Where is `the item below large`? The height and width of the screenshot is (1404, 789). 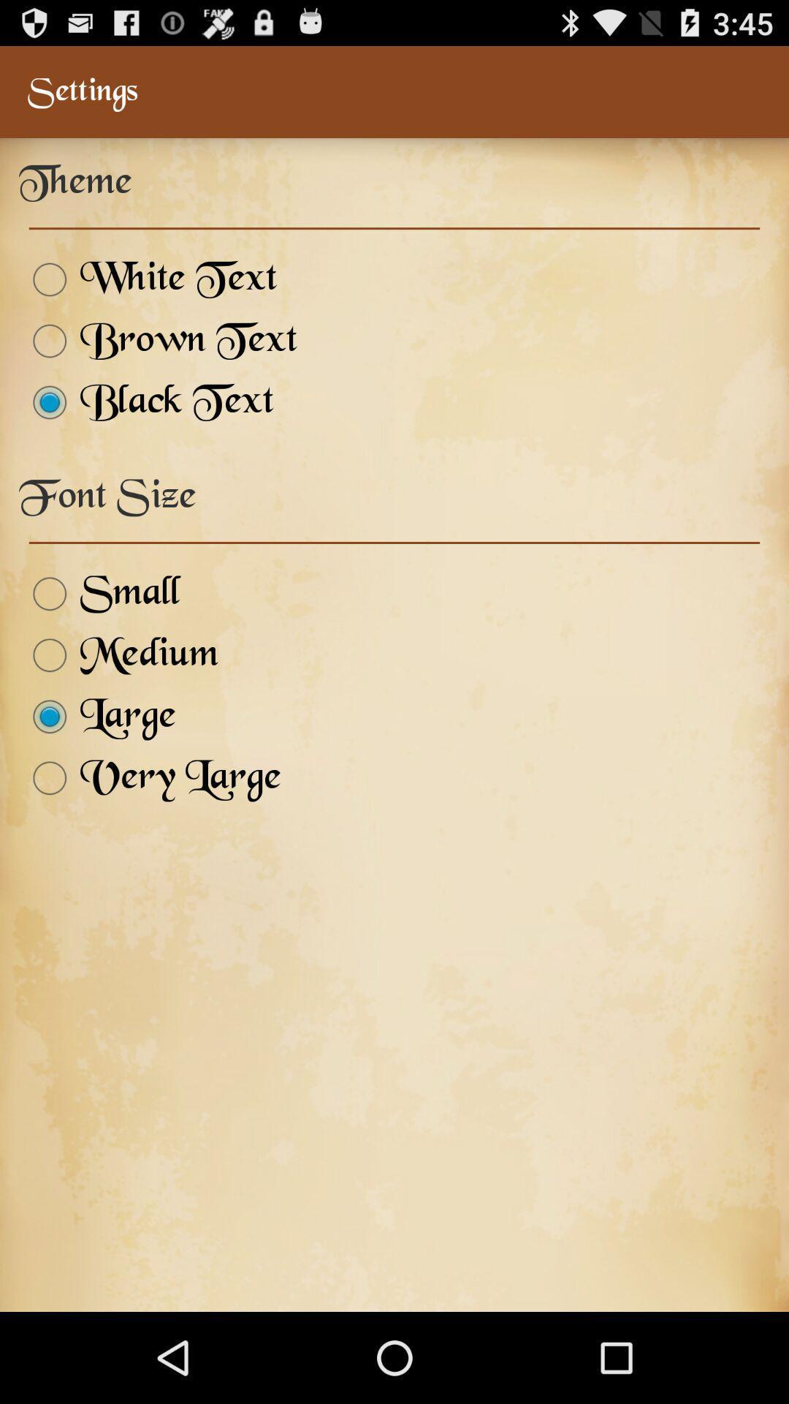
the item below large is located at coordinates (150, 777).